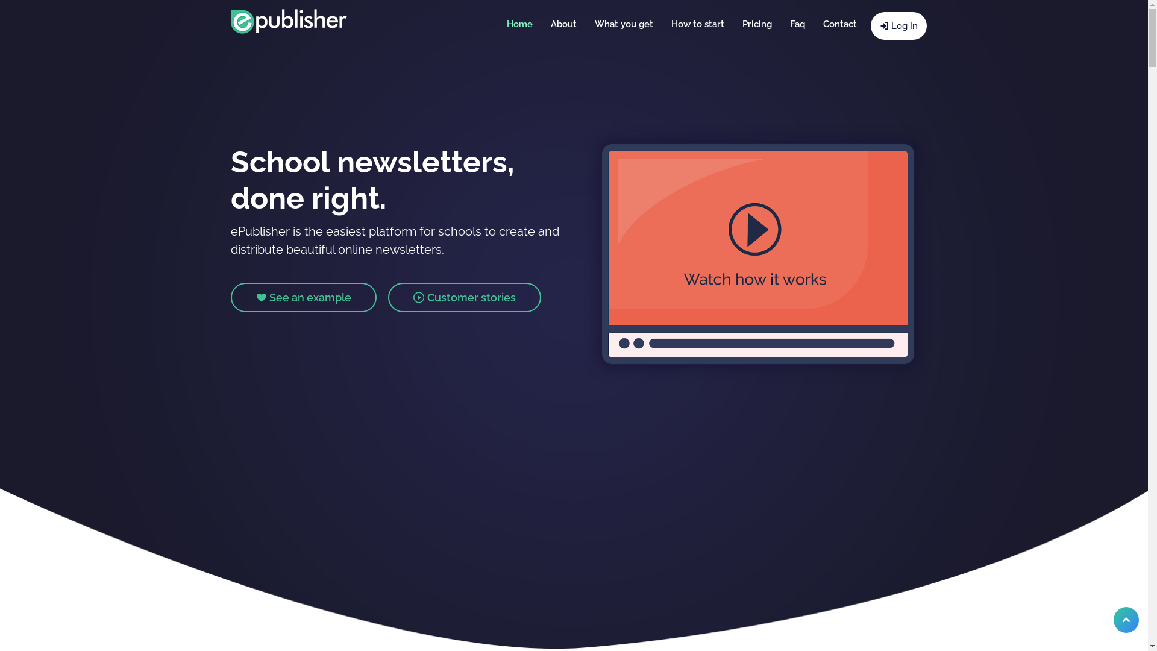  Describe the element at coordinates (838, 24) in the screenshot. I see `'Contact'` at that location.